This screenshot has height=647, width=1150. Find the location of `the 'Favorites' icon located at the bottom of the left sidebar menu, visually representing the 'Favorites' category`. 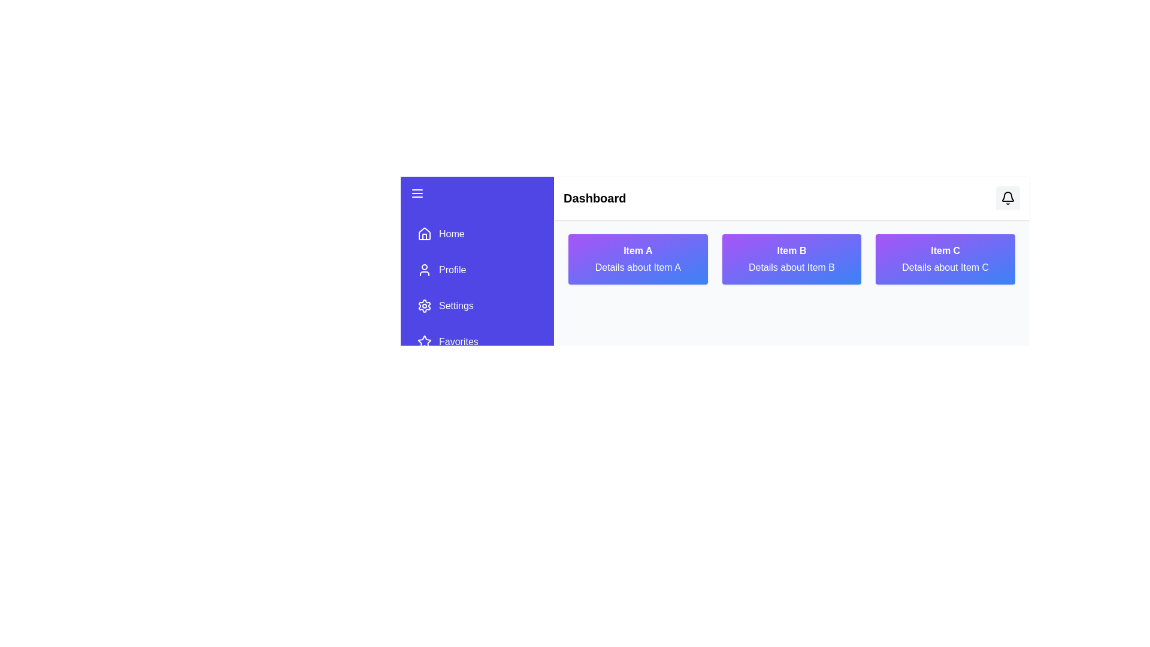

the 'Favorites' icon located at the bottom of the left sidebar menu, visually representing the 'Favorites' category is located at coordinates (425, 341).